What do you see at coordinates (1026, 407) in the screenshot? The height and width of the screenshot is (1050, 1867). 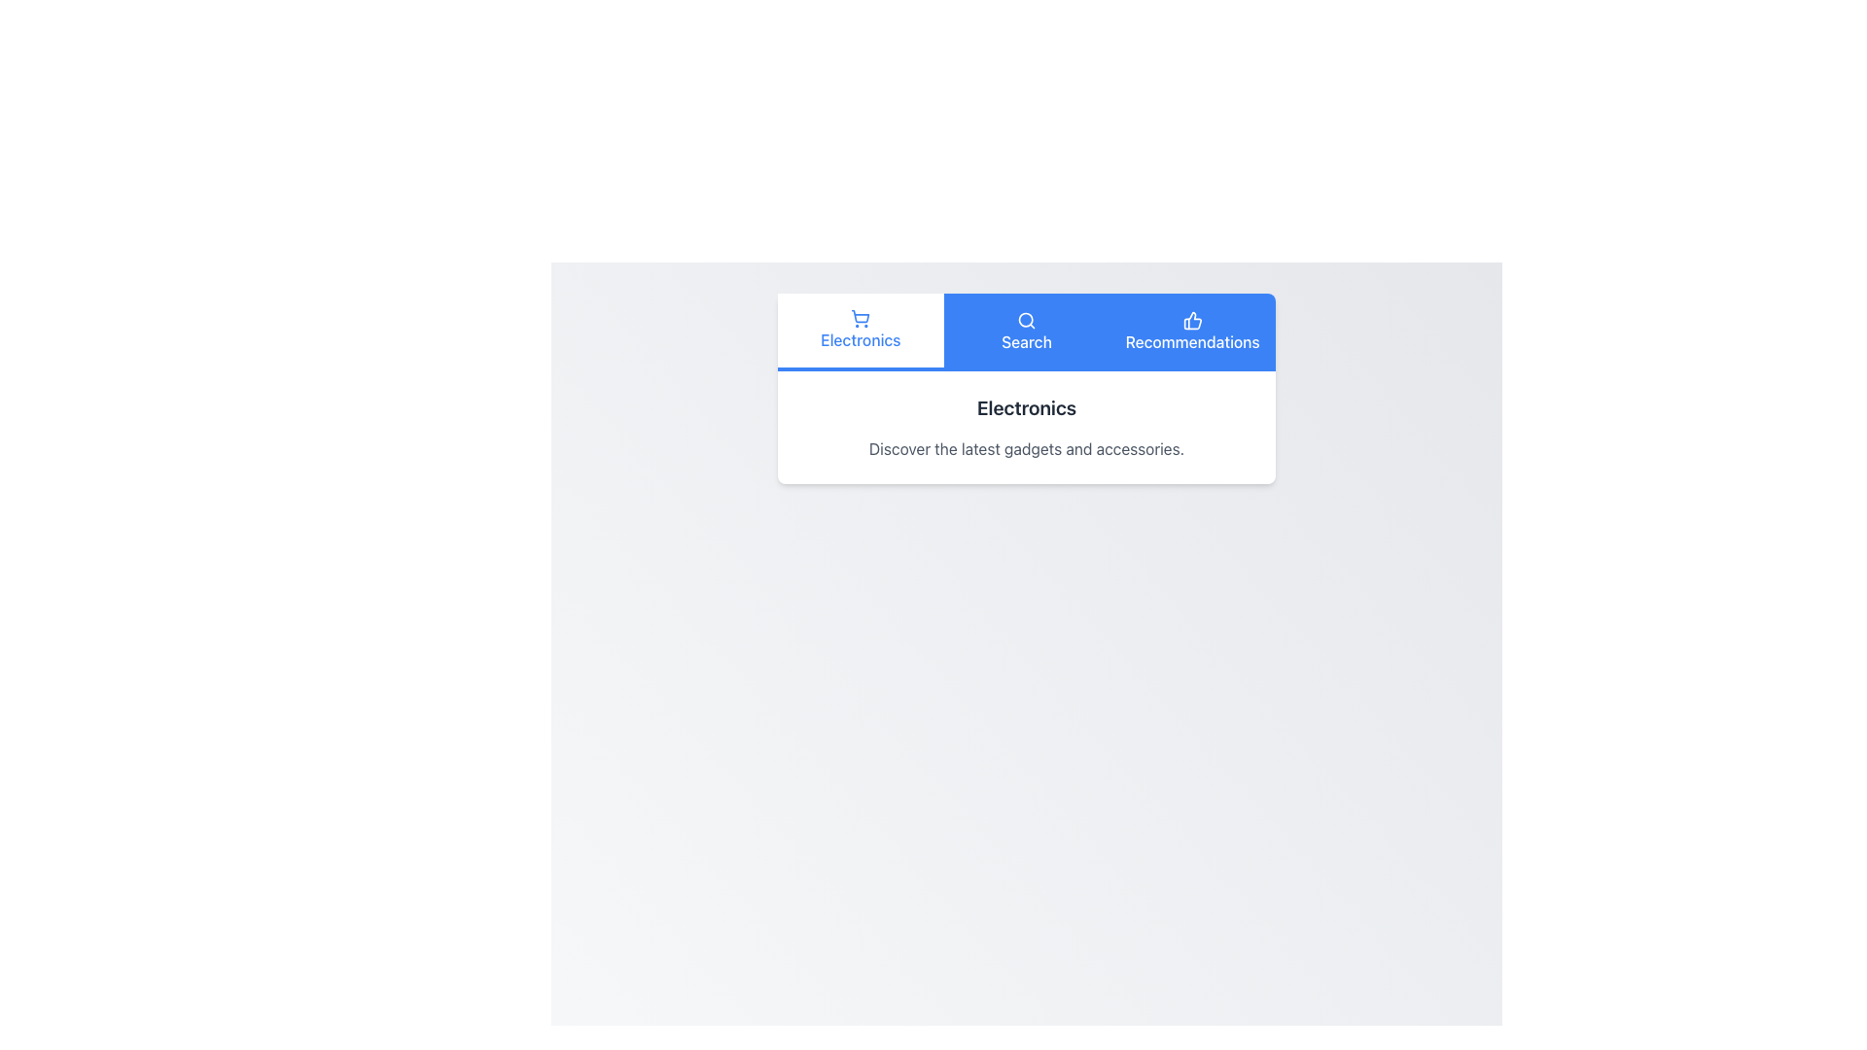 I see `the heading element that displays 'Electronics', which is styled in bold and slightly larger than adjacent text elements` at bounding box center [1026, 407].